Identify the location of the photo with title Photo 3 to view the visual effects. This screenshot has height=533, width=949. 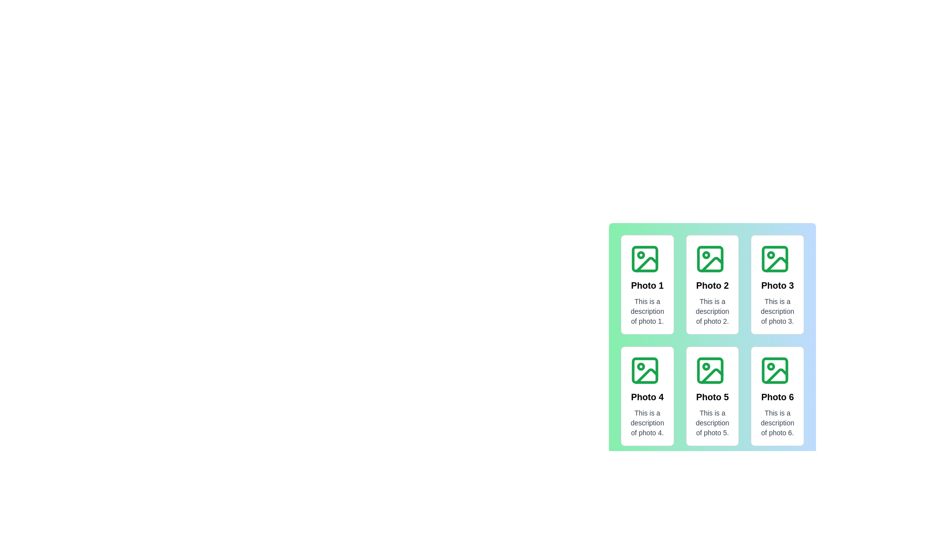
(777, 285).